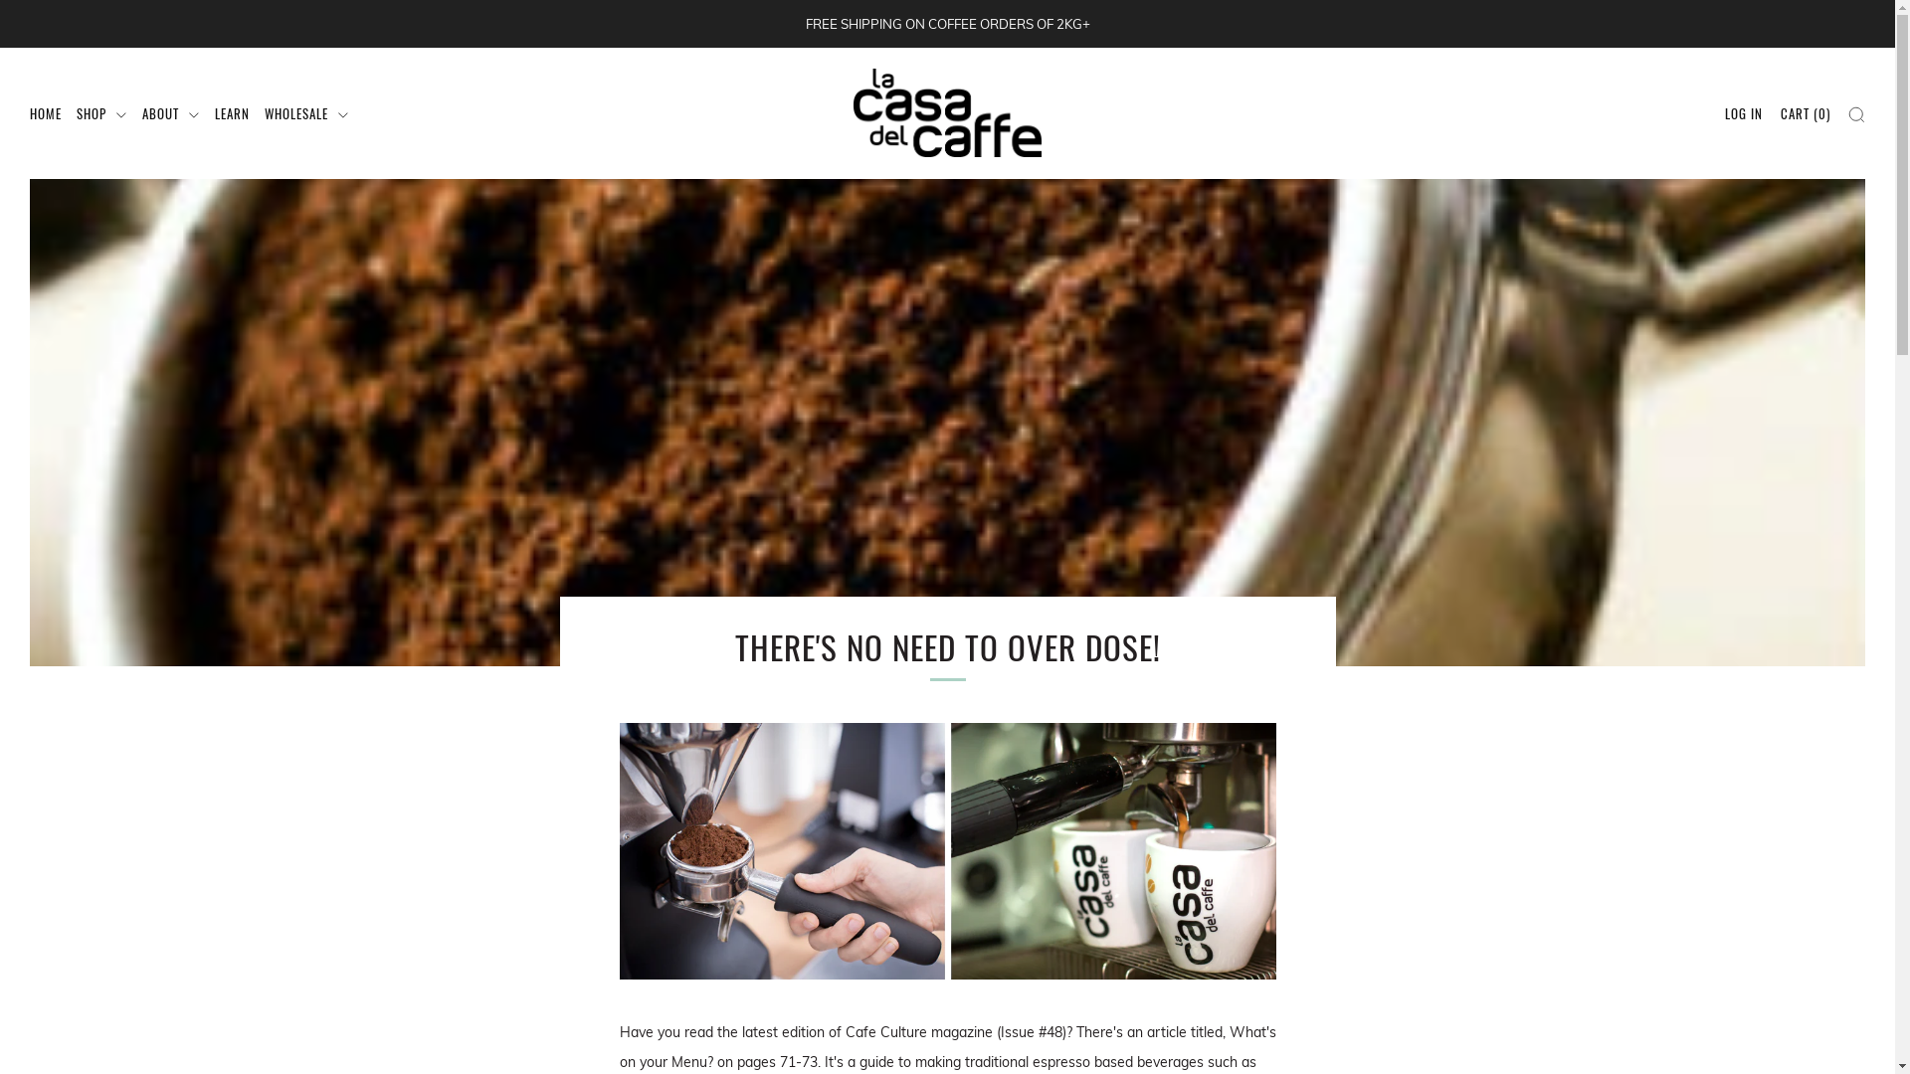 Image resolution: width=1910 pixels, height=1074 pixels. Describe the element at coordinates (1805, 113) in the screenshot. I see `'CART (0)'` at that location.